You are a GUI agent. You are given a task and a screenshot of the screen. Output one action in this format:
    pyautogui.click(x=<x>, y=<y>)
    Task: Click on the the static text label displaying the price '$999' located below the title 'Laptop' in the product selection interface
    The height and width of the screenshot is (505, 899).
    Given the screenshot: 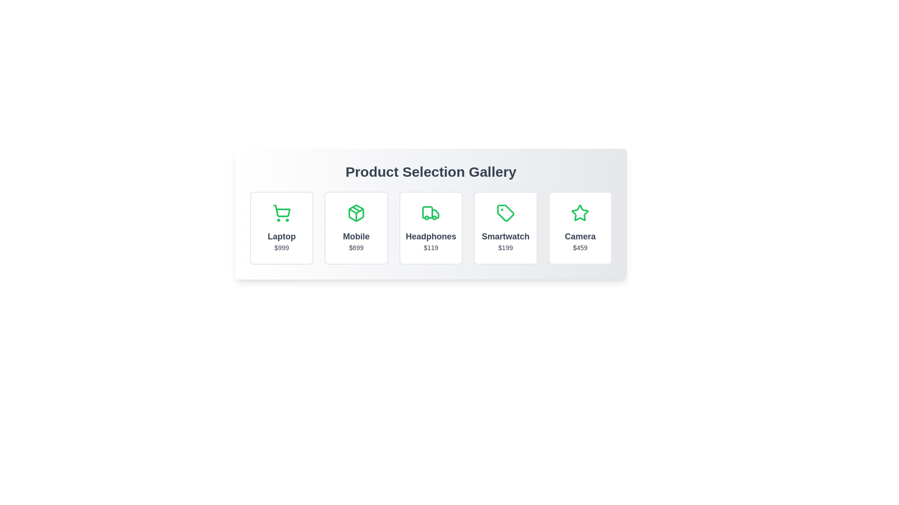 What is the action you would take?
    pyautogui.click(x=281, y=247)
    